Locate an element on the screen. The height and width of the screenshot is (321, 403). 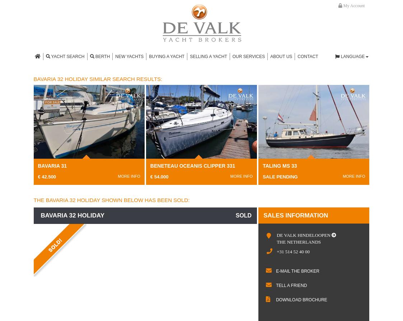
'e-mail the broker' is located at coordinates (297, 271).